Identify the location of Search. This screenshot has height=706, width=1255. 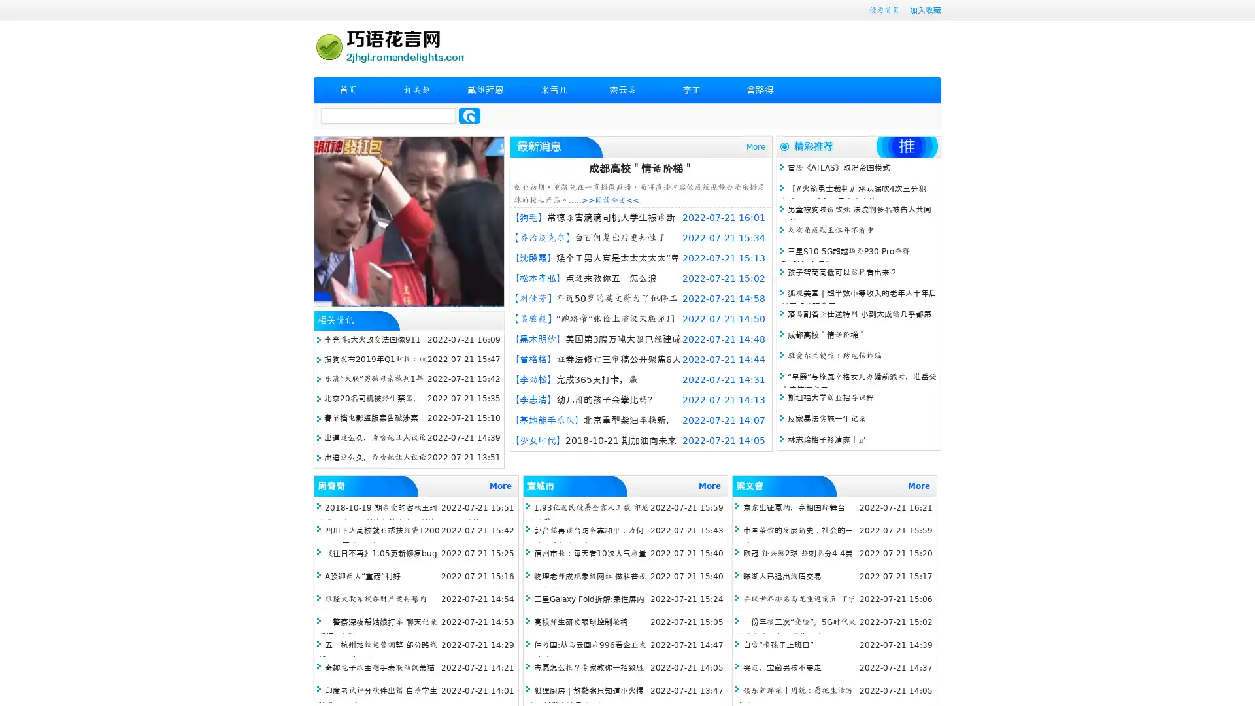
(469, 115).